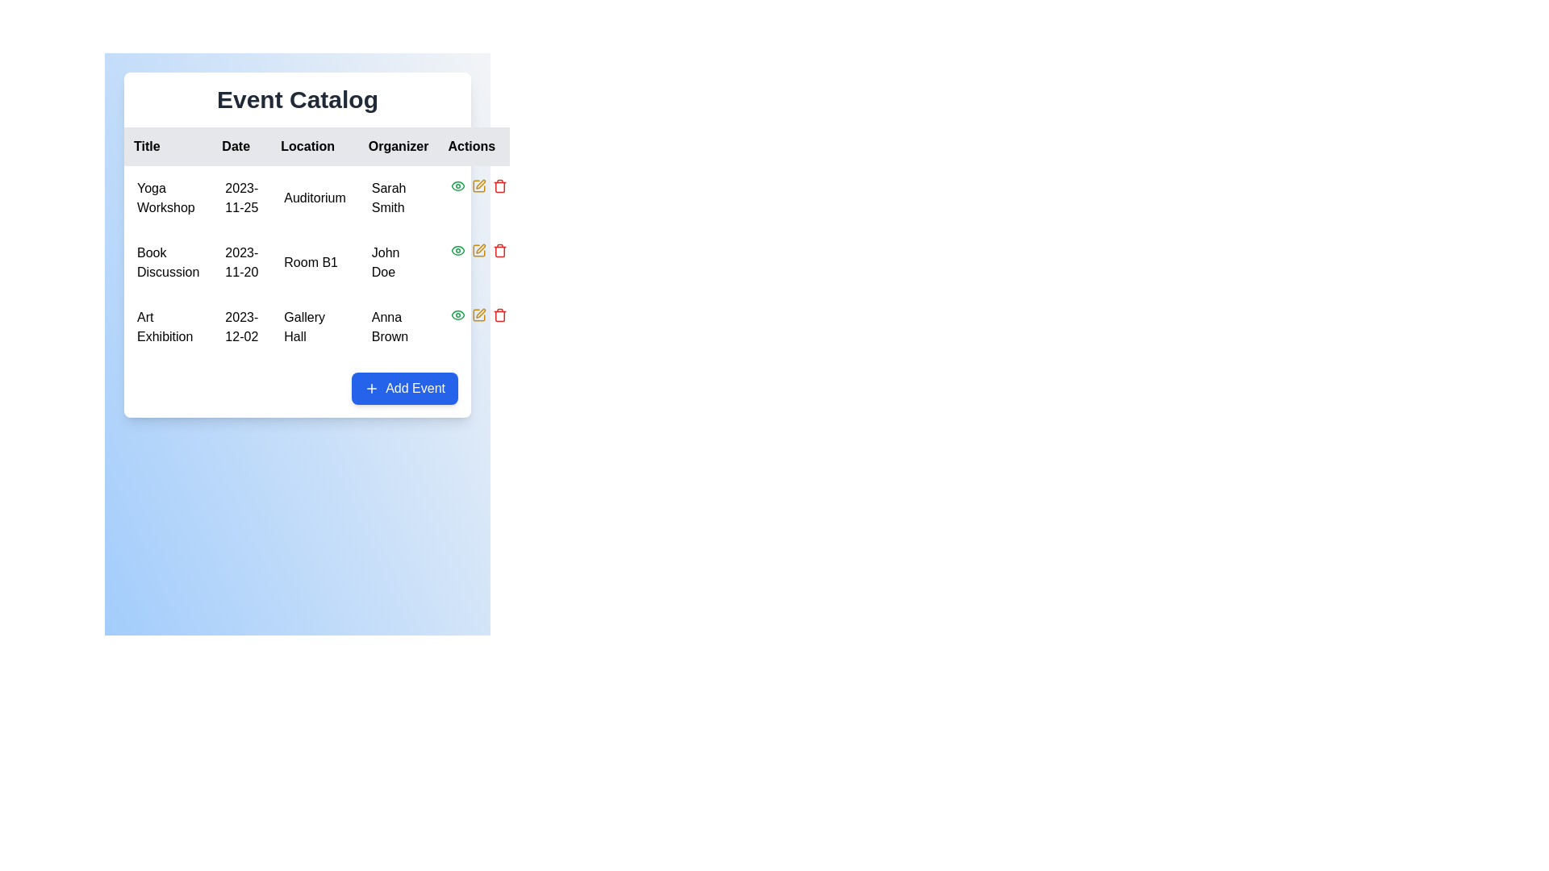 The image size is (1549, 871). I want to click on the static text element displaying the title 'Yoga Workshop' located in the first row under the 'Title' column of the table, so click(168, 198).